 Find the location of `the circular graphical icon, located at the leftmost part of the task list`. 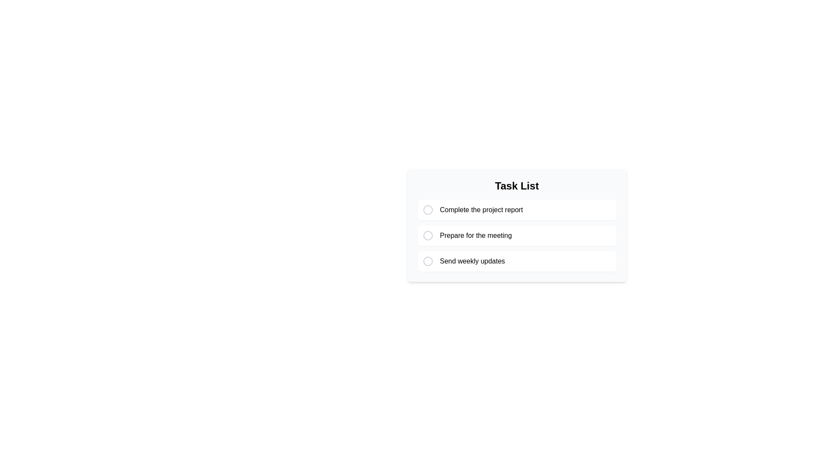

the circular graphical icon, located at the leftmost part of the task list is located at coordinates (428, 210).